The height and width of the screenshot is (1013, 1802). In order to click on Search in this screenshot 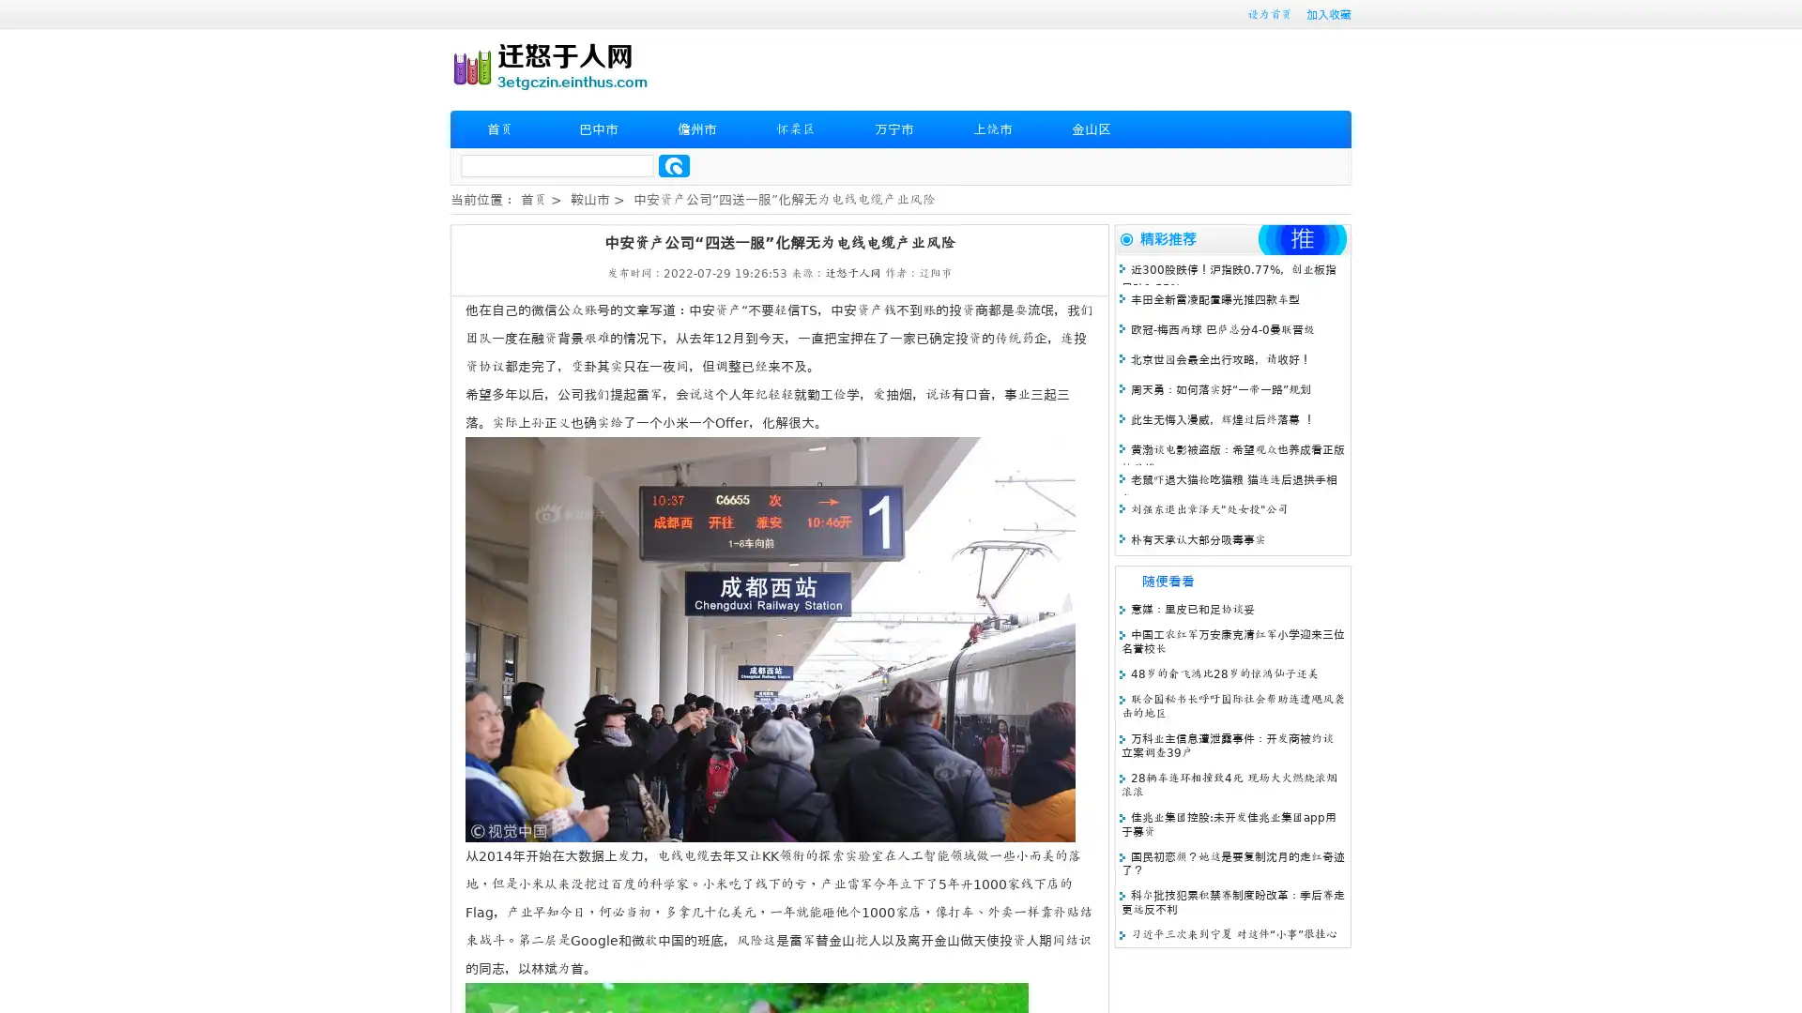, I will do `click(674, 165)`.